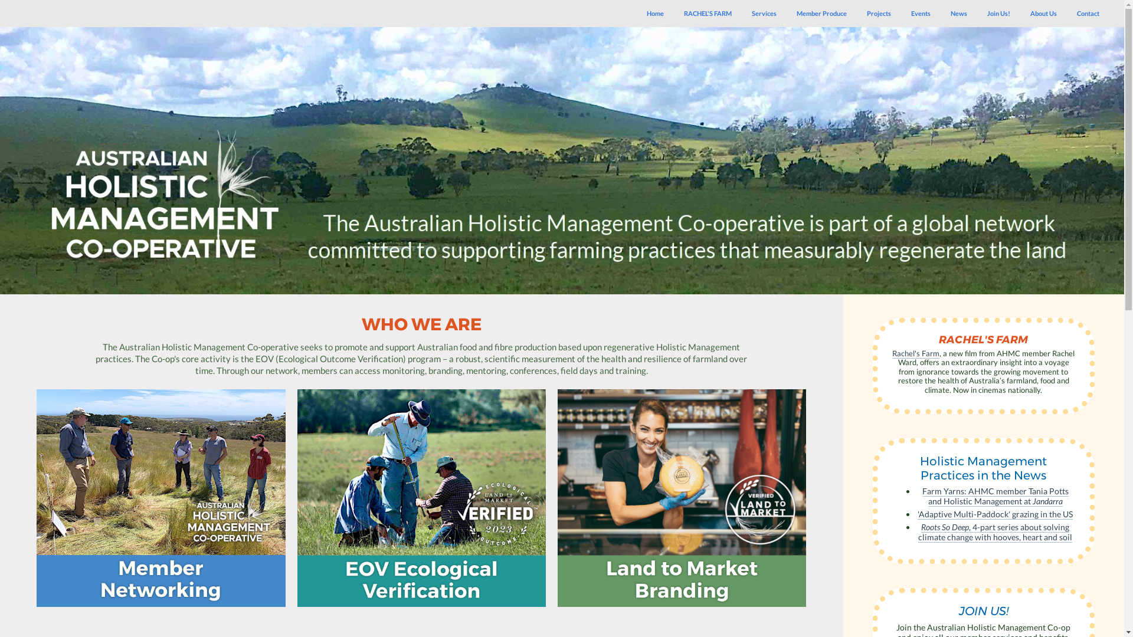 This screenshot has width=1133, height=637. Describe the element at coordinates (654, 14) in the screenshot. I see `'Home'` at that location.